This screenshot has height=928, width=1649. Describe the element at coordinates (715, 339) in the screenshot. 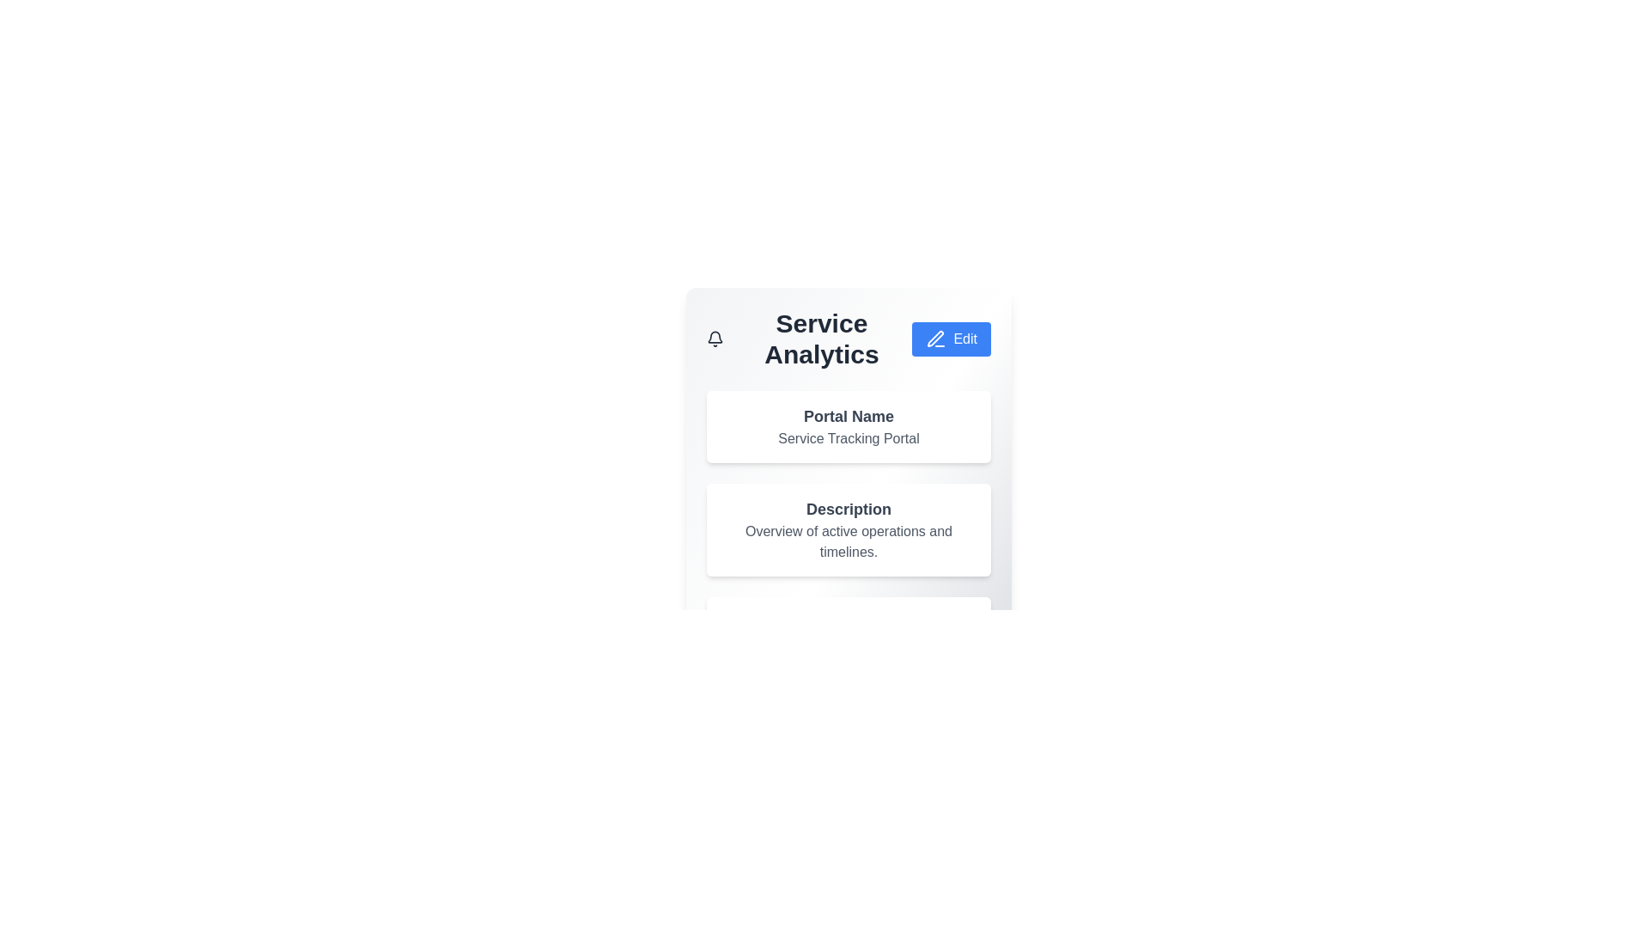

I see `the outlined bell icon, which is styled with a rounded design and located to the left of the 'Service Analytics' title text` at that location.